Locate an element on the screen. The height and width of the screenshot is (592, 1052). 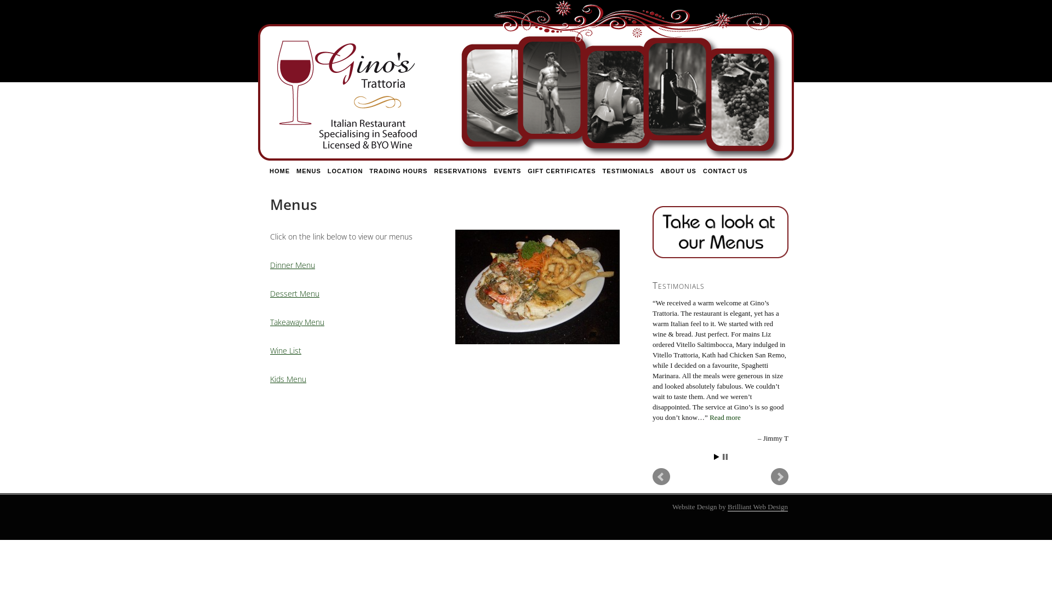
'Read more' is located at coordinates (725, 417).